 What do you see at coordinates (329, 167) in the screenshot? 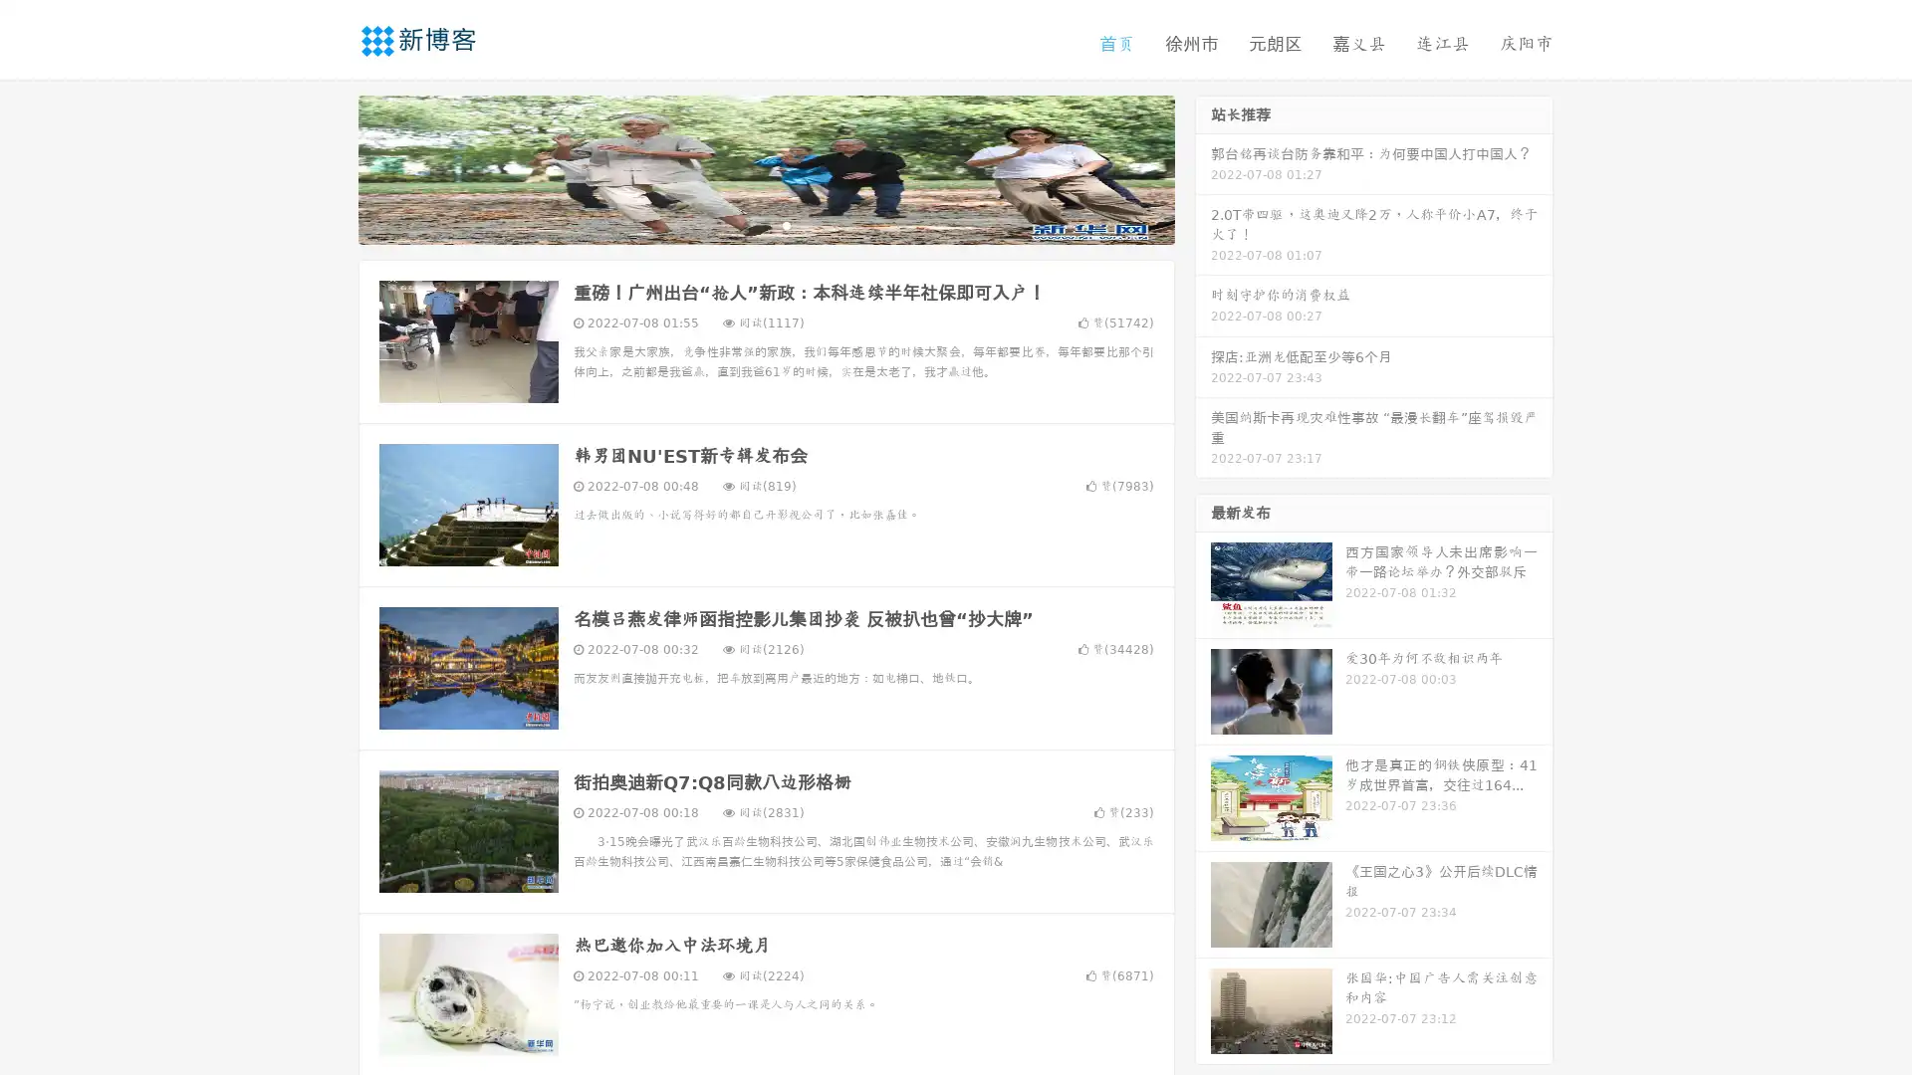
I see `Previous slide` at bounding box center [329, 167].